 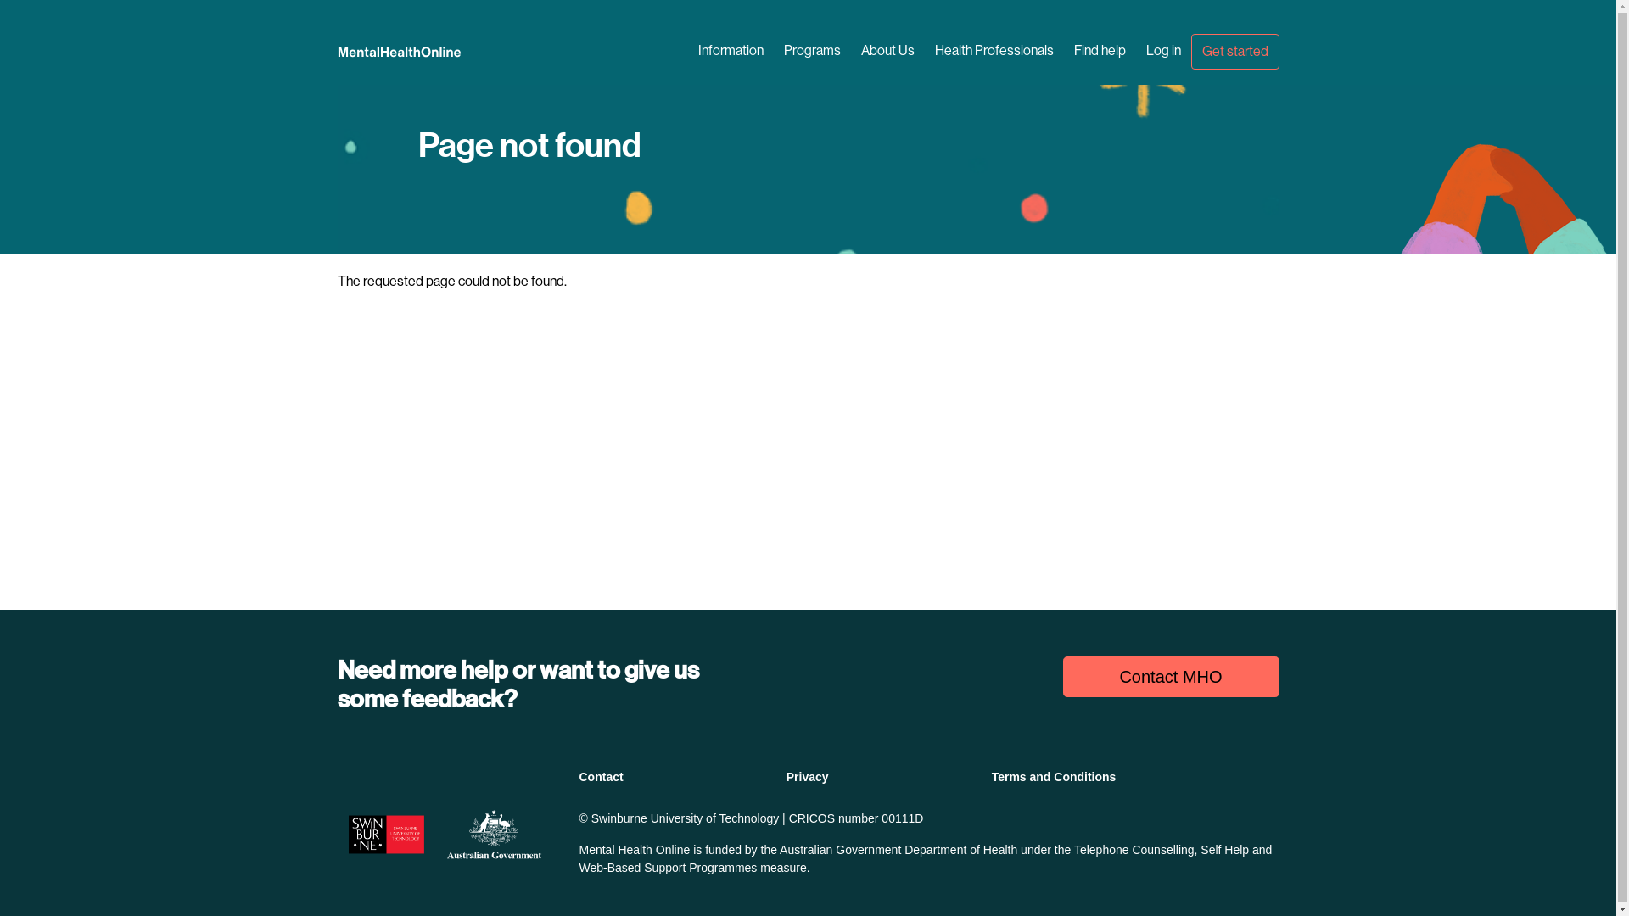 What do you see at coordinates (923, 50) in the screenshot?
I see `'Health Professionals'` at bounding box center [923, 50].